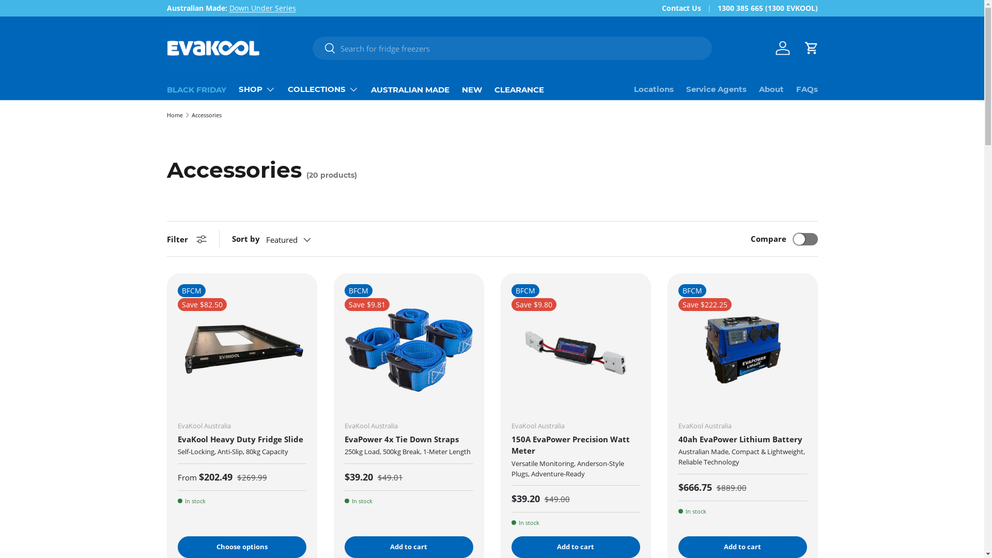 The image size is (992, 558). What do you see at coordinates (570, 444) in the screenshot?
I see `'150A EvaPower Precision Watt Meter'` at bounding box center [570, 444].